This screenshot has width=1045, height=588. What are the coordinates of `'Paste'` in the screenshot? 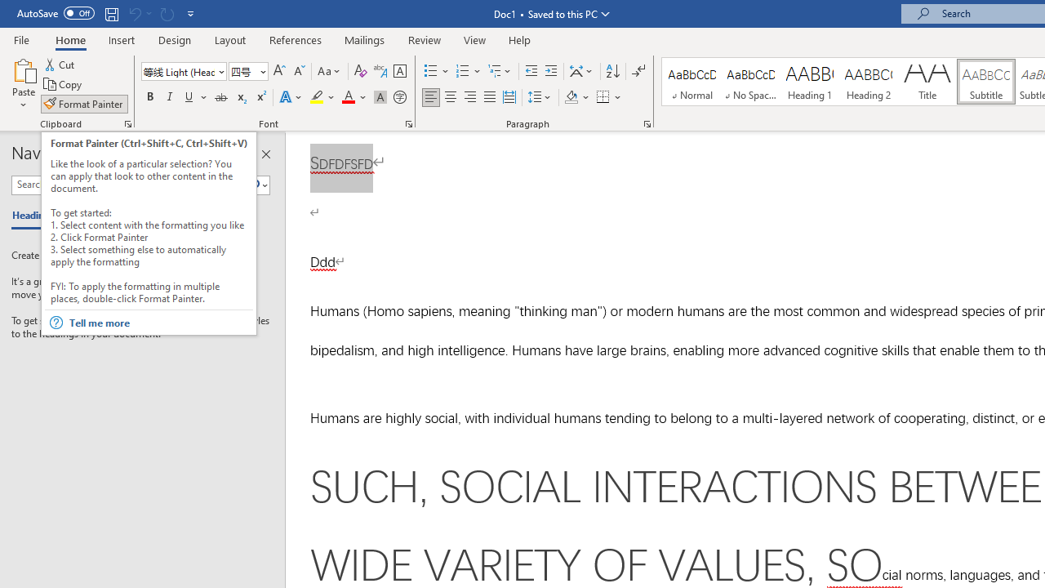 It's located at (23, 84).